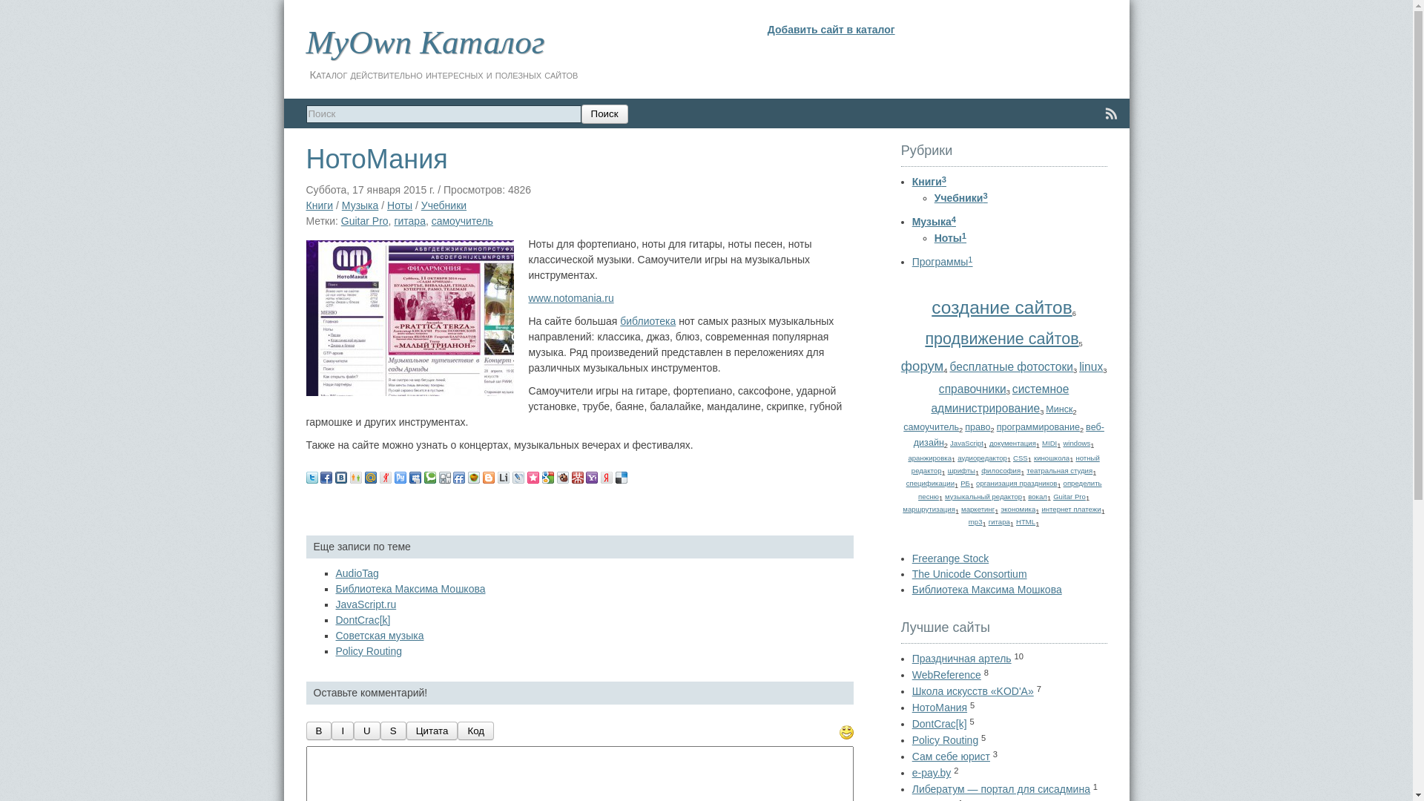 The height and width of the screenshot is (801, 1424). Describe the element at coordinates (393, 730) in the screenshot. I see `'S'` at that location.